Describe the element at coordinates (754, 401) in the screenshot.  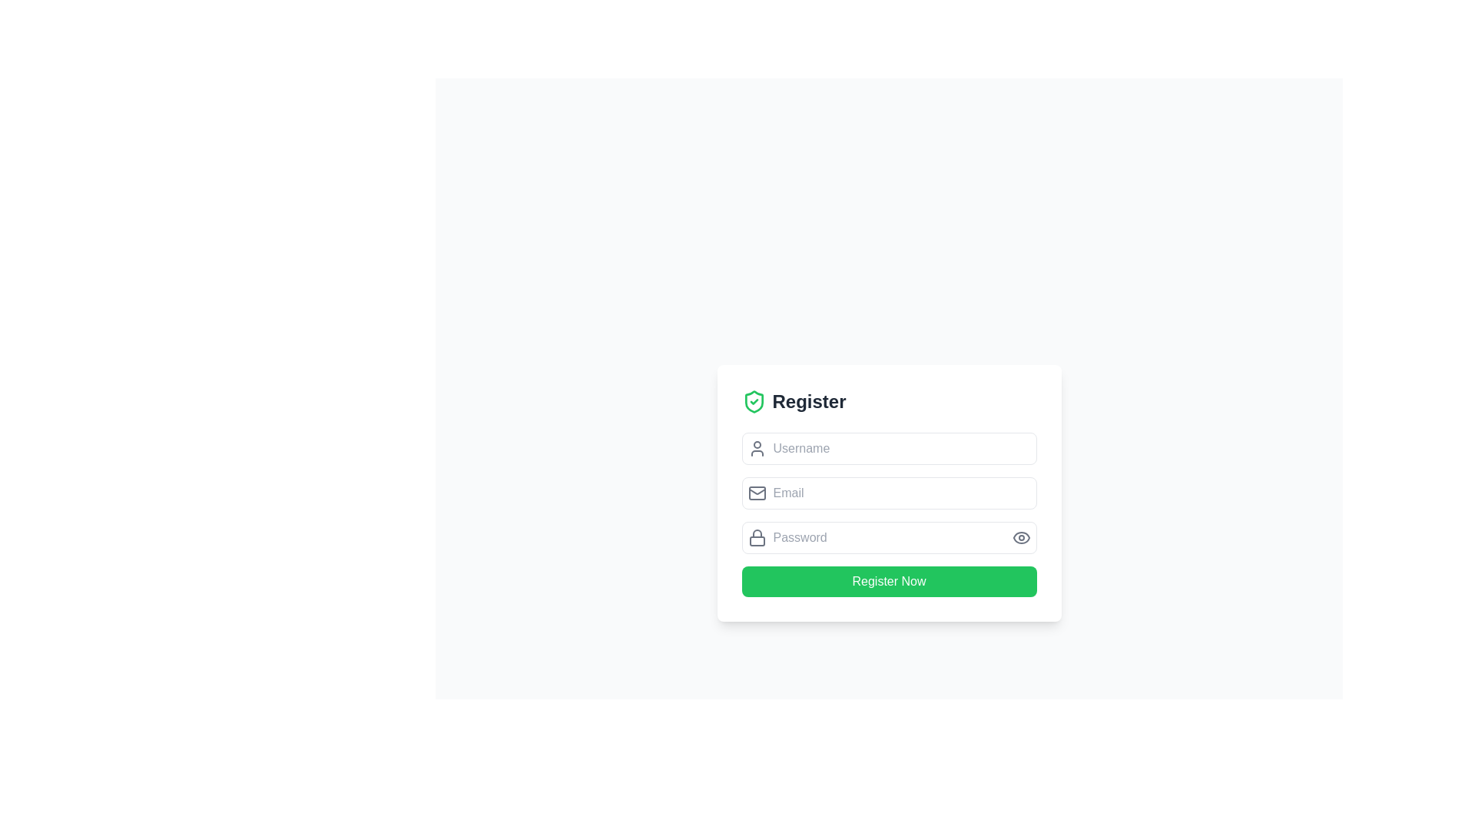
I see `the shield-shaped security icon at the top-left corner of the registration form, which features a green outline and a checkmark indicating verification` at that location.